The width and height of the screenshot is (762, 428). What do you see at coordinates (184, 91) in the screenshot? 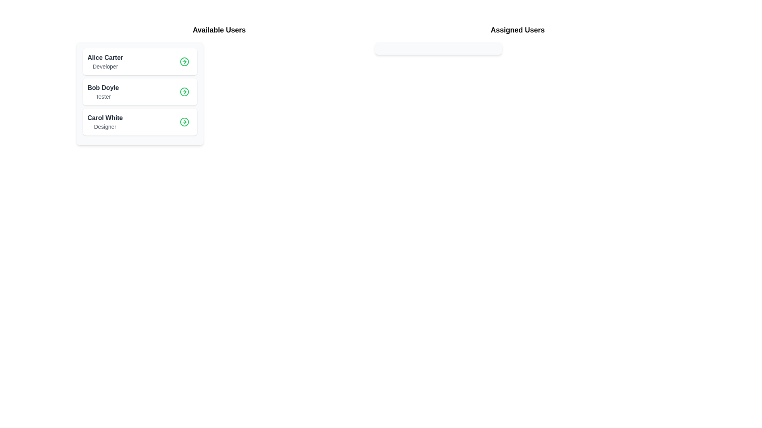
I see `details button for the user Bob Doyle in the 'Available Users' list` at bounding box center [184, 91].